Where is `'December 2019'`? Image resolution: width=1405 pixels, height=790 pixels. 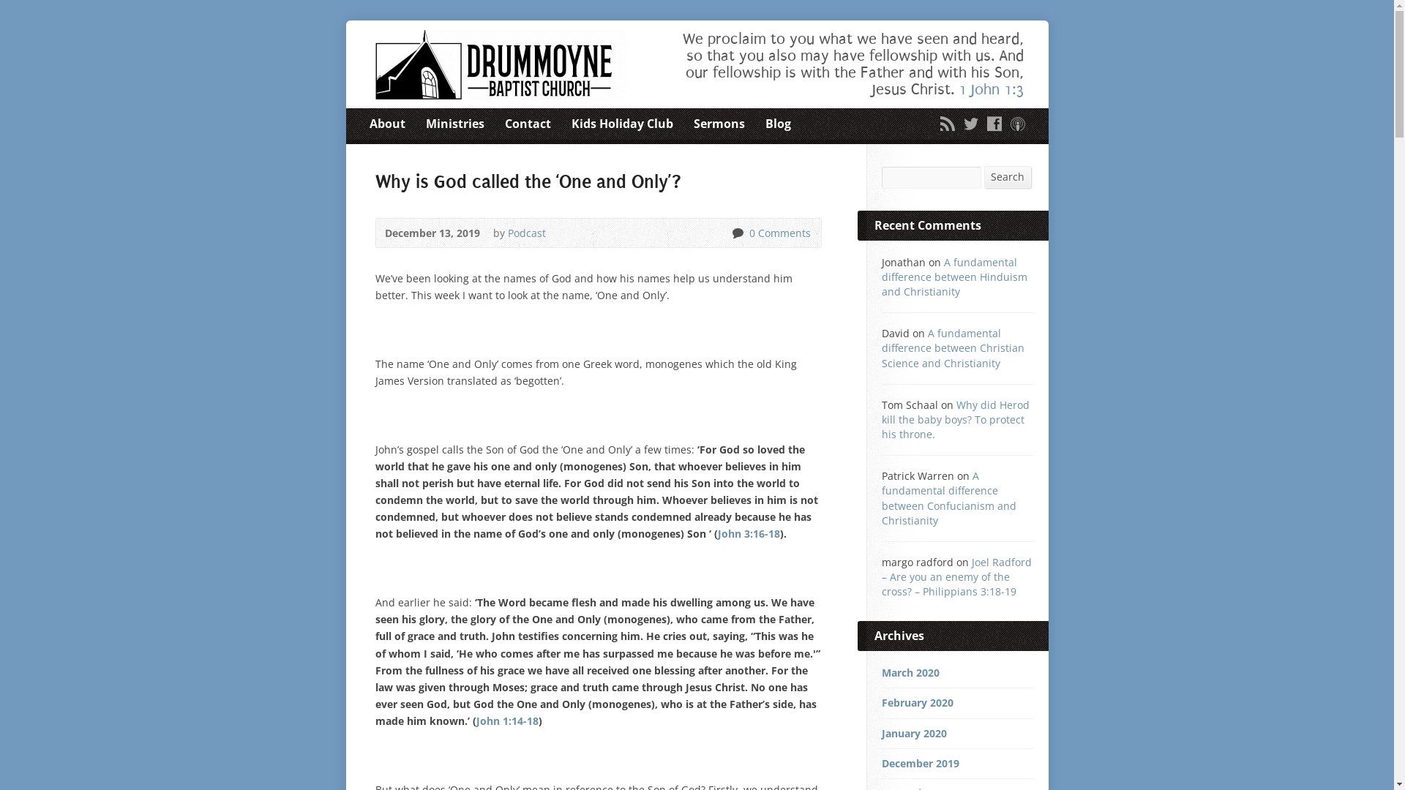
'December 2019' is located at coordinates (919, 762).